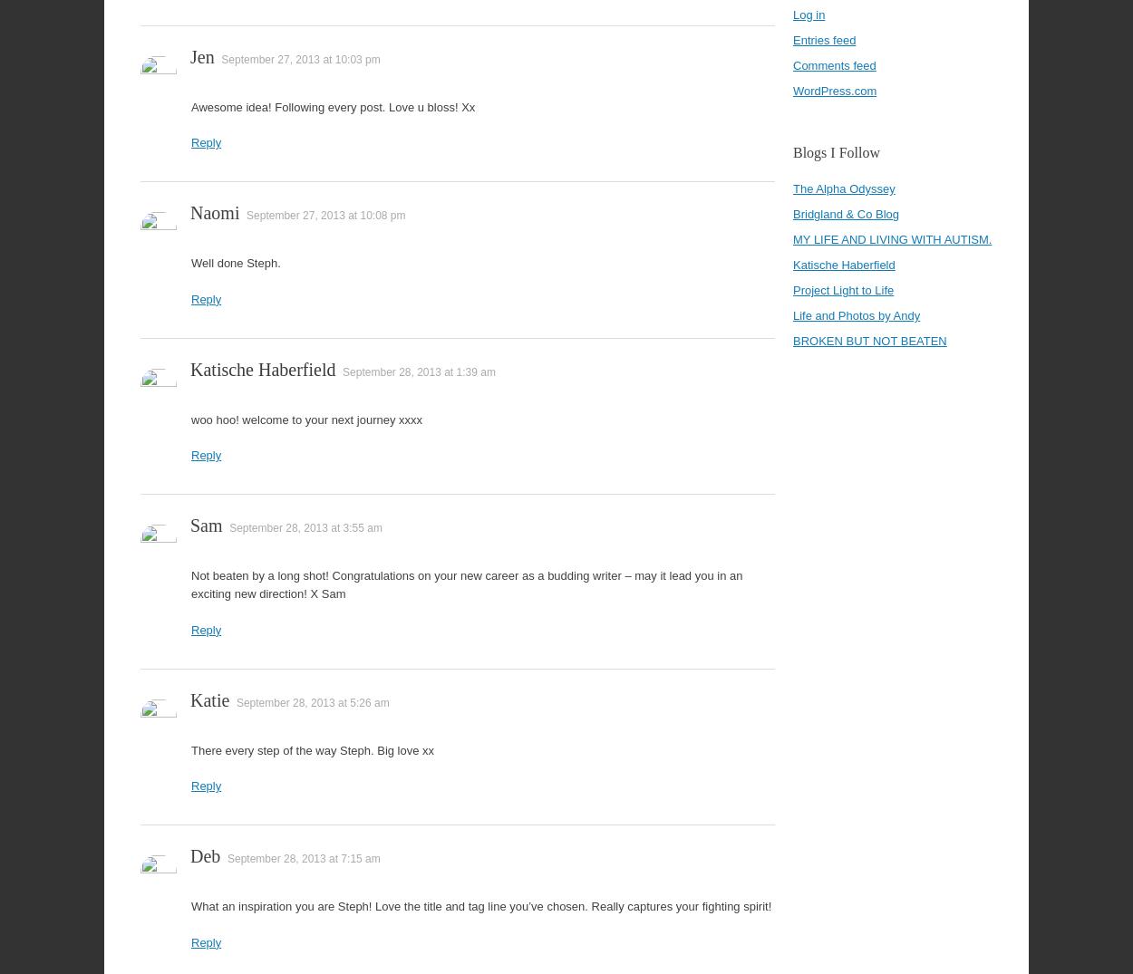  What do you see at coordinates (481, 905) in the screenshot?
I see `'What an inspiration you are Steph! Love the title and tag line you’ve chosen. Really captures your fighting spirit!'` at bounding box center [481, 905].